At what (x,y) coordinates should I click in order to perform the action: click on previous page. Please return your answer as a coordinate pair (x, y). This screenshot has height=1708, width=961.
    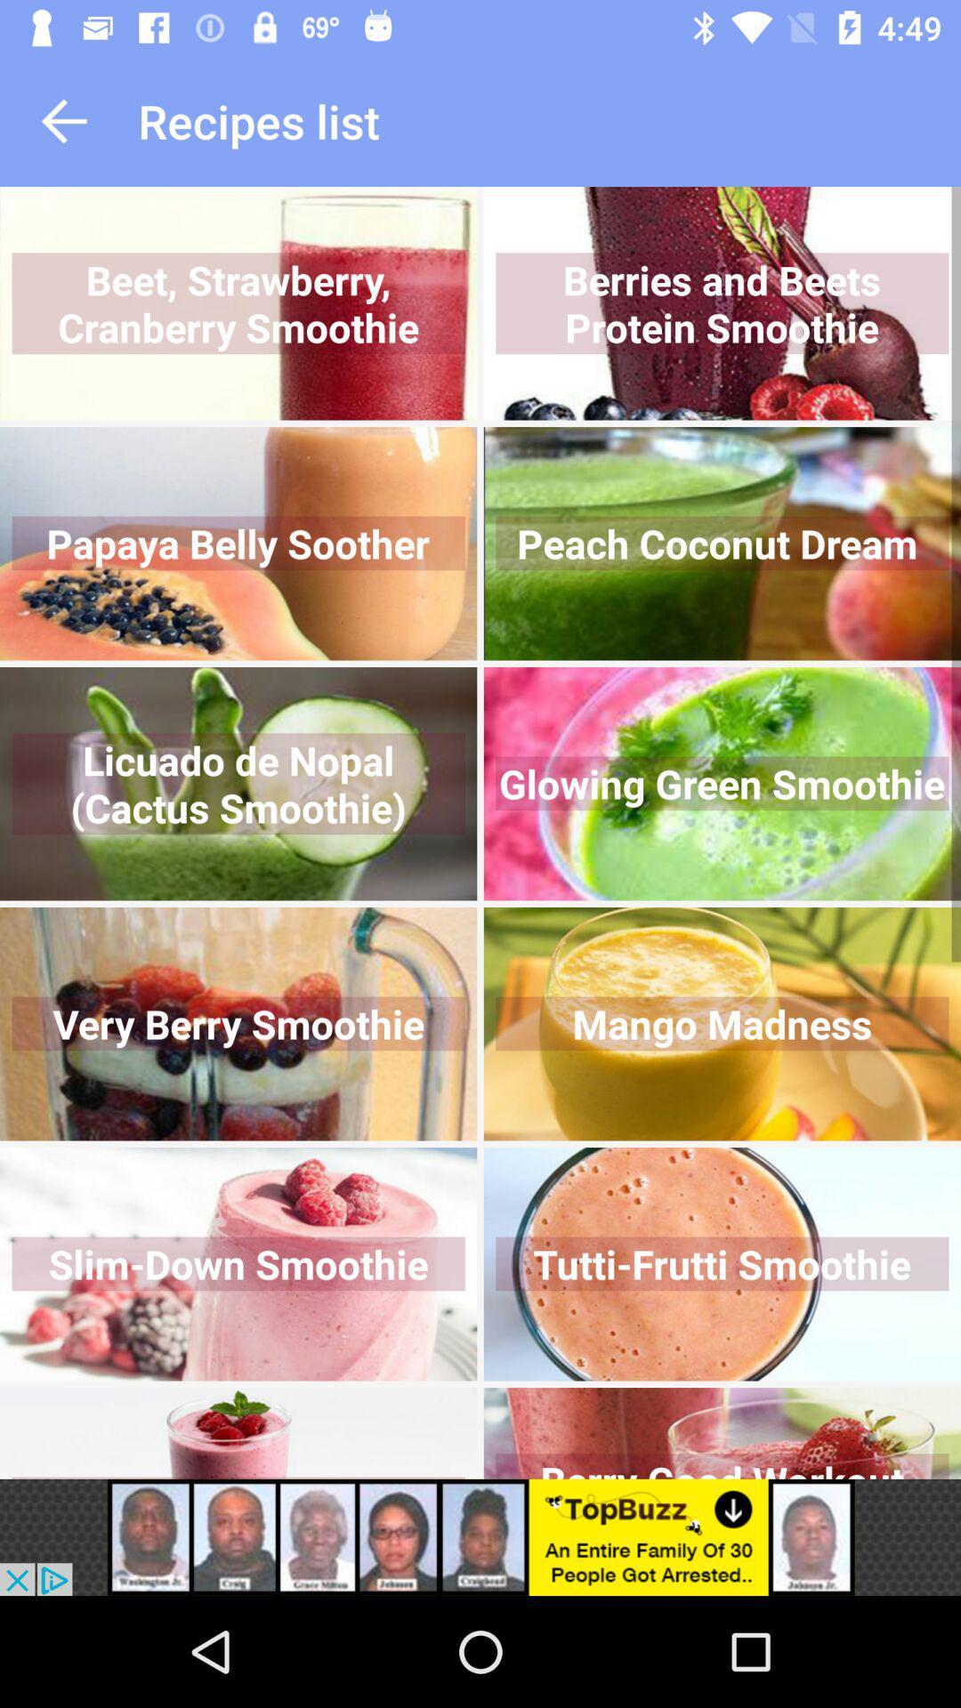
    Looking at the image, I should click on (63, 120).